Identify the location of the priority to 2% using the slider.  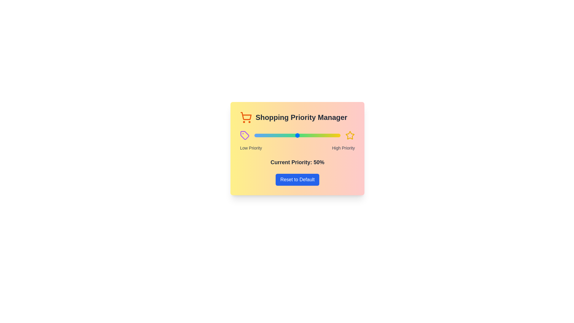
(256, 135).